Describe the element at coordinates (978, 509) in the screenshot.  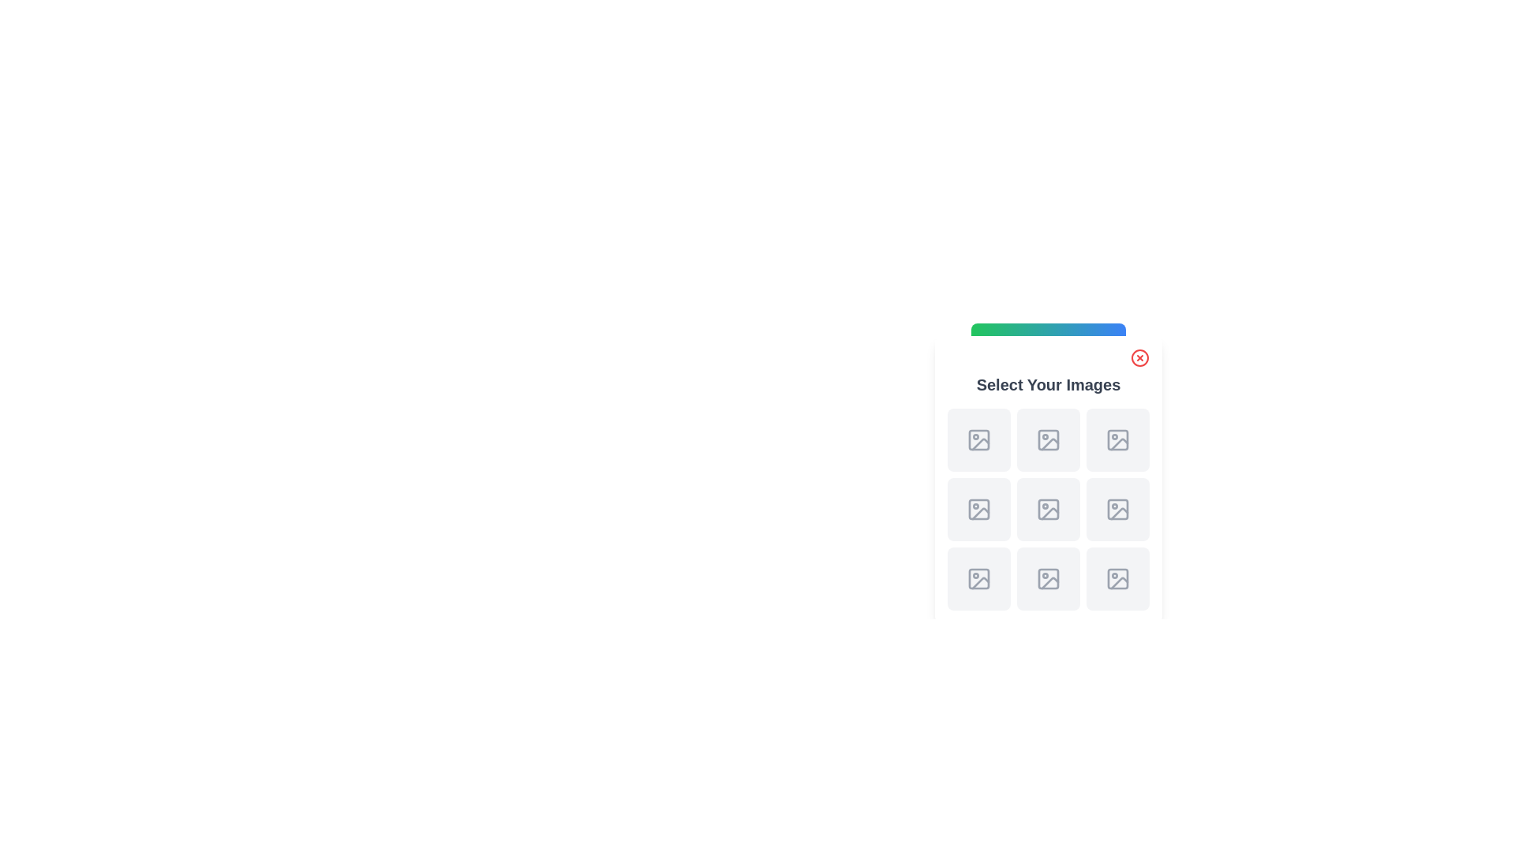
I see `the SVG graphical component that serves as the larger rectangular background element of the icon located in the fourth row and second column of the grid layout` at that location.